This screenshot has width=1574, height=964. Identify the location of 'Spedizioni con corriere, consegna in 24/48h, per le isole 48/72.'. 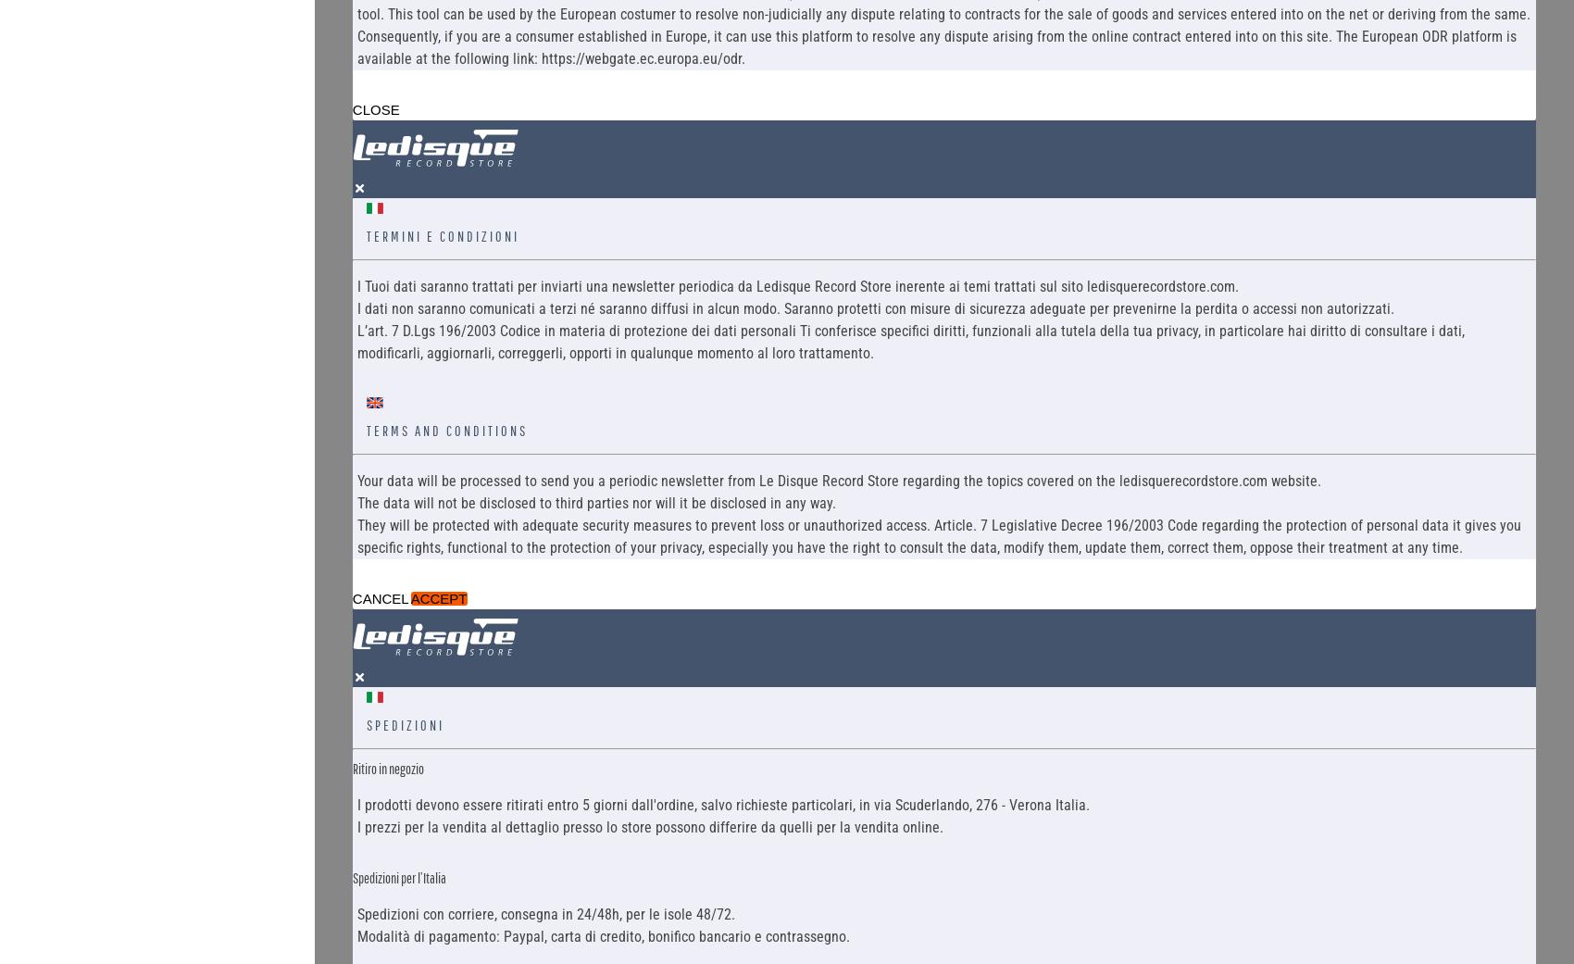
(544, 913).